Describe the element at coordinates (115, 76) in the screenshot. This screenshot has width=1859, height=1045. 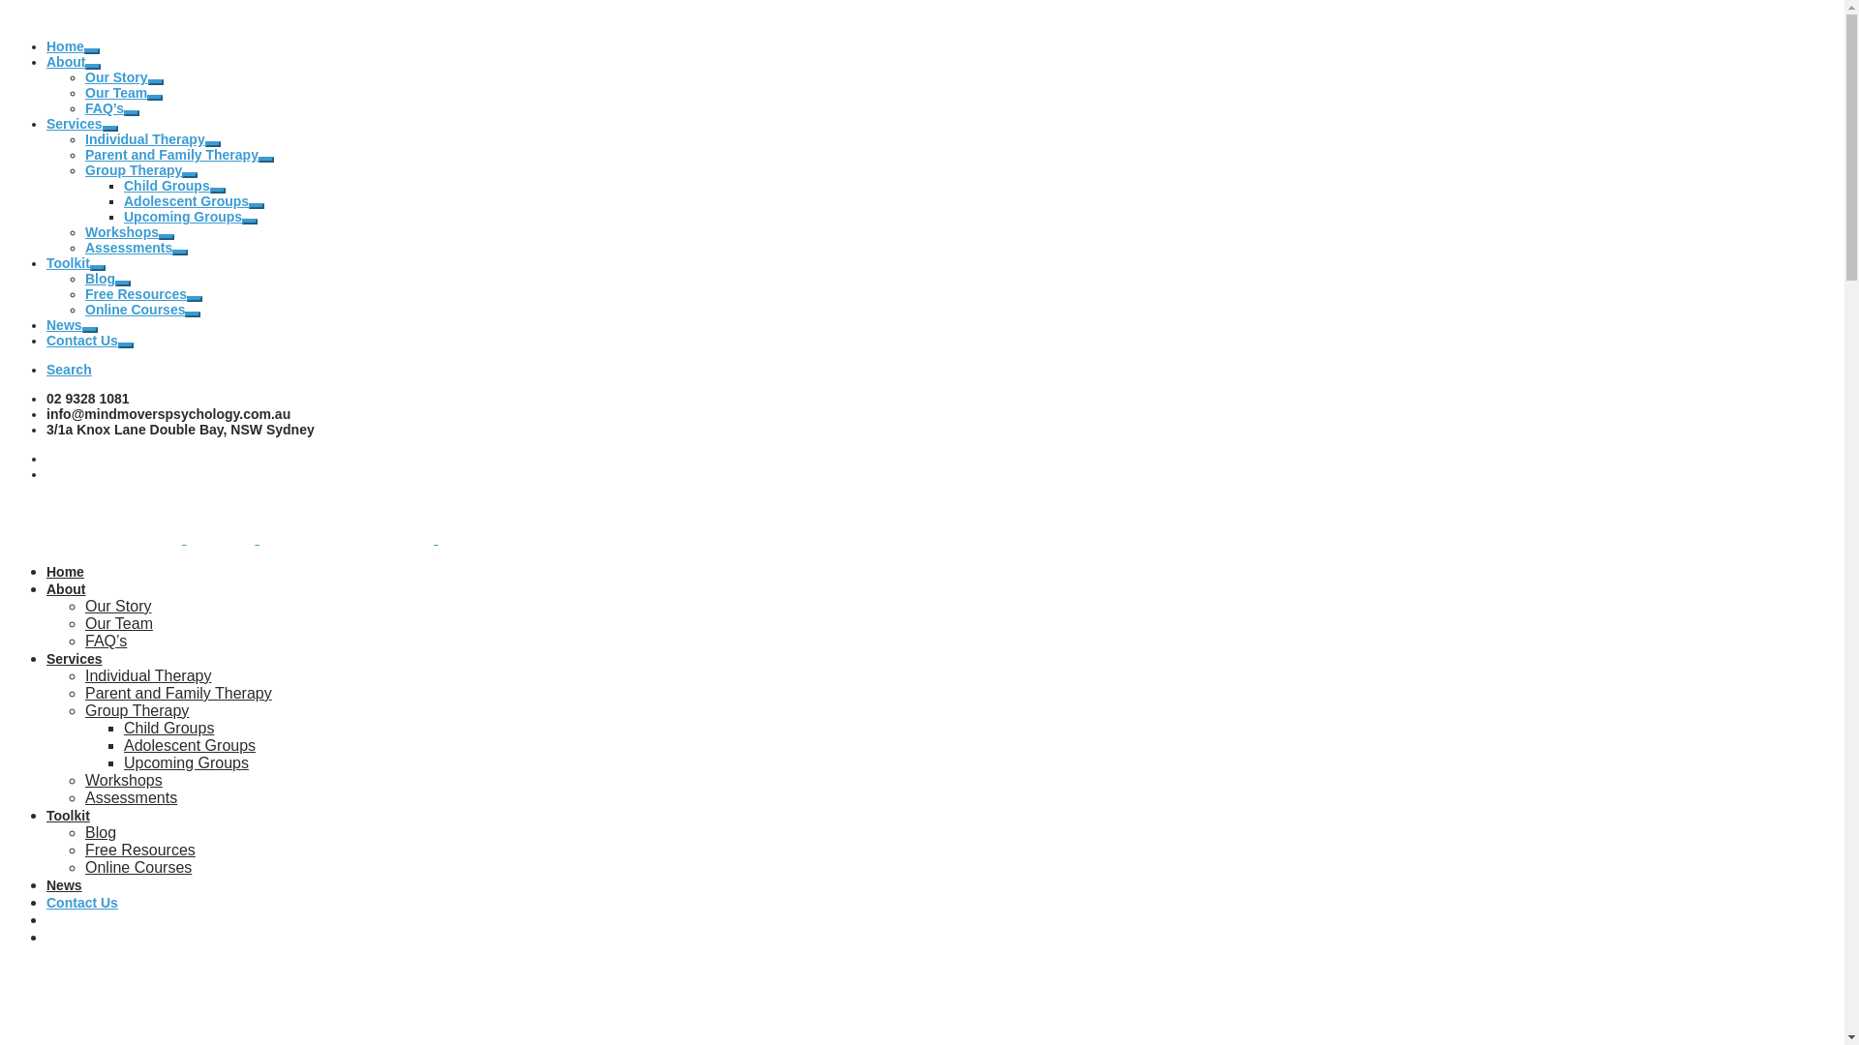
I see `'Our Story'` at that location.